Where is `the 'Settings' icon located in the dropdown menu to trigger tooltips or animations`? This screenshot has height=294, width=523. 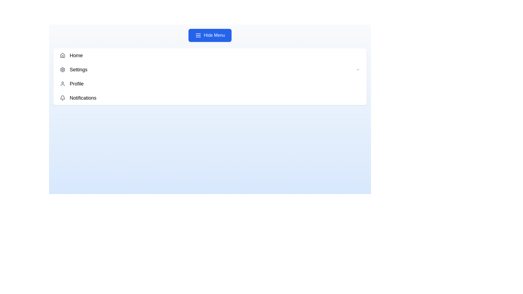 the 'Settings' icon located in the dropdown menu to trigger tooltips or animations is located at coordinates (63, 69).